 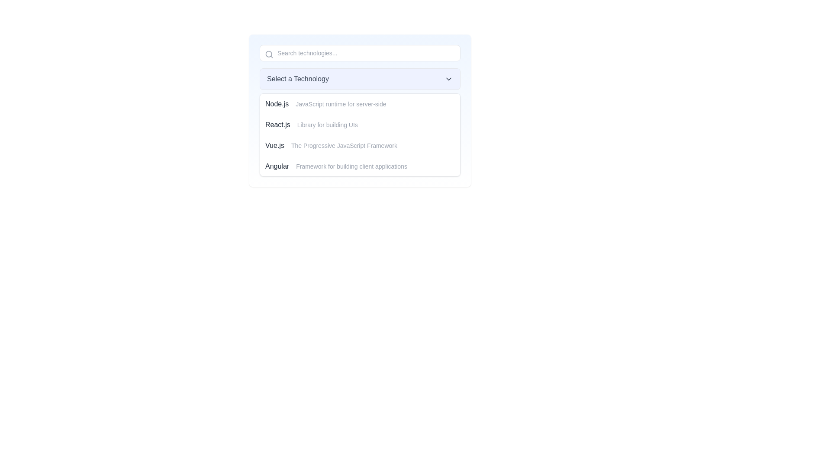 I want to click on the 'Vue.js' list item in the dropdown menu, so click(x=360, y=145).